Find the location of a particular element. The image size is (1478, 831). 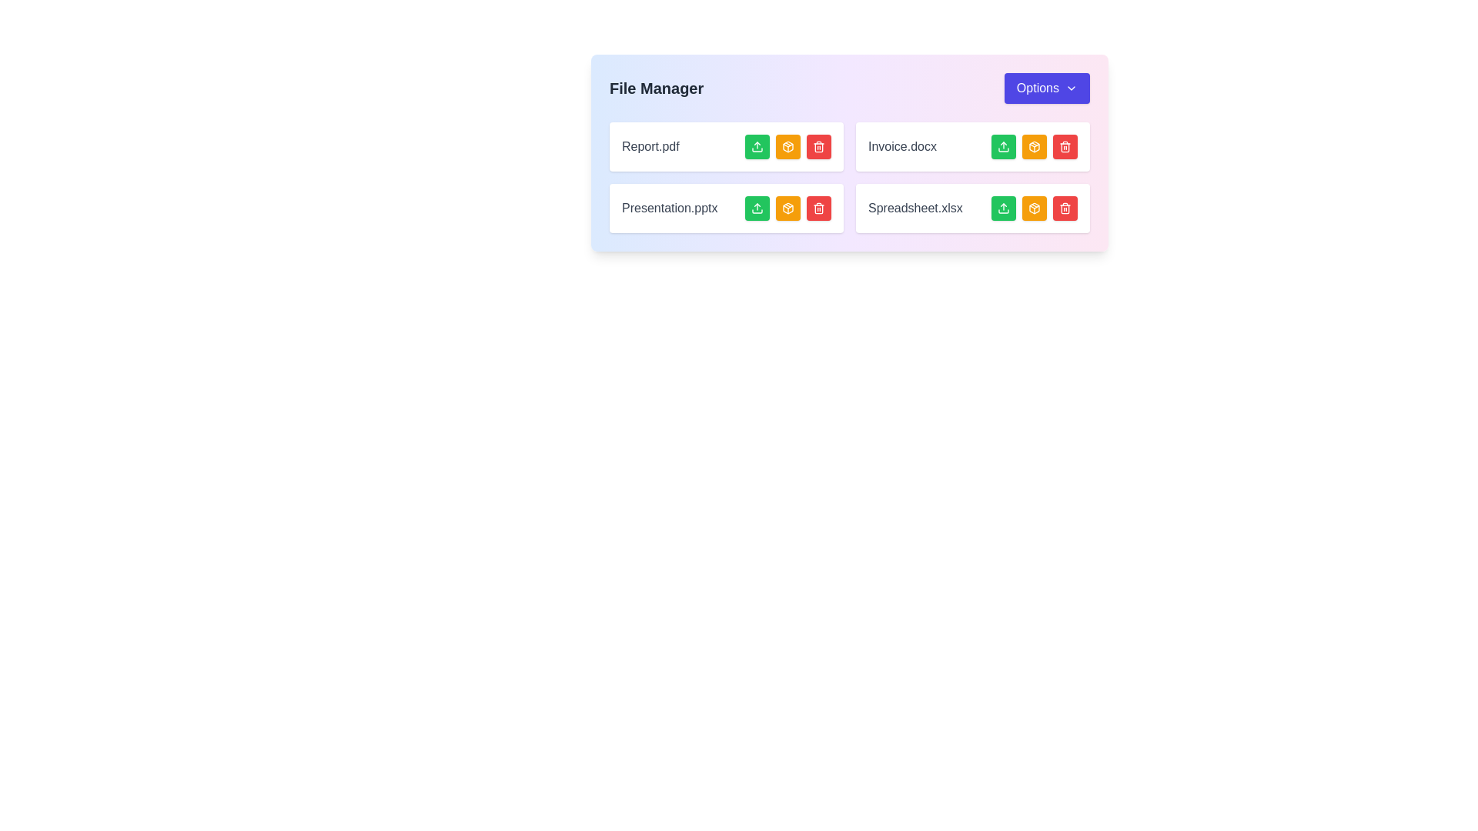

the red delete button with a trash bin icon in the 'File Manager' interface is located at coordinates (1064, 147).